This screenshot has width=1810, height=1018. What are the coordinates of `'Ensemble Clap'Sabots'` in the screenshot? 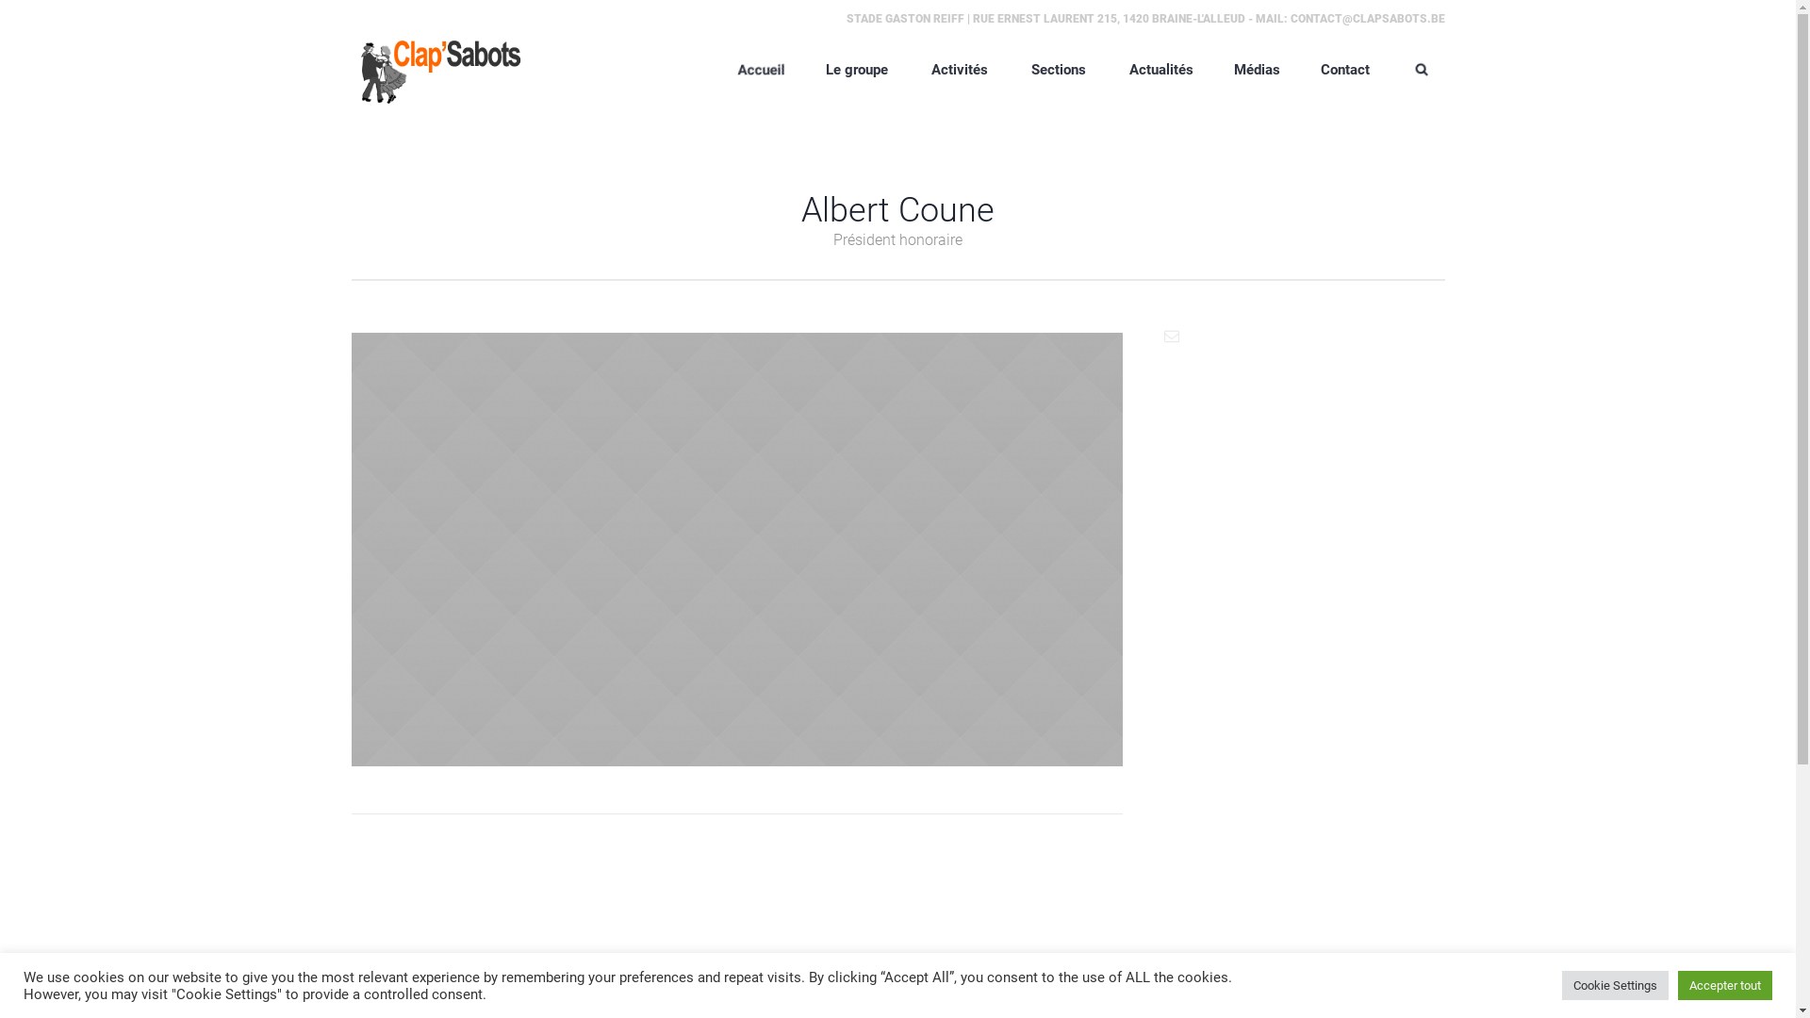 It's located at (435, 68).